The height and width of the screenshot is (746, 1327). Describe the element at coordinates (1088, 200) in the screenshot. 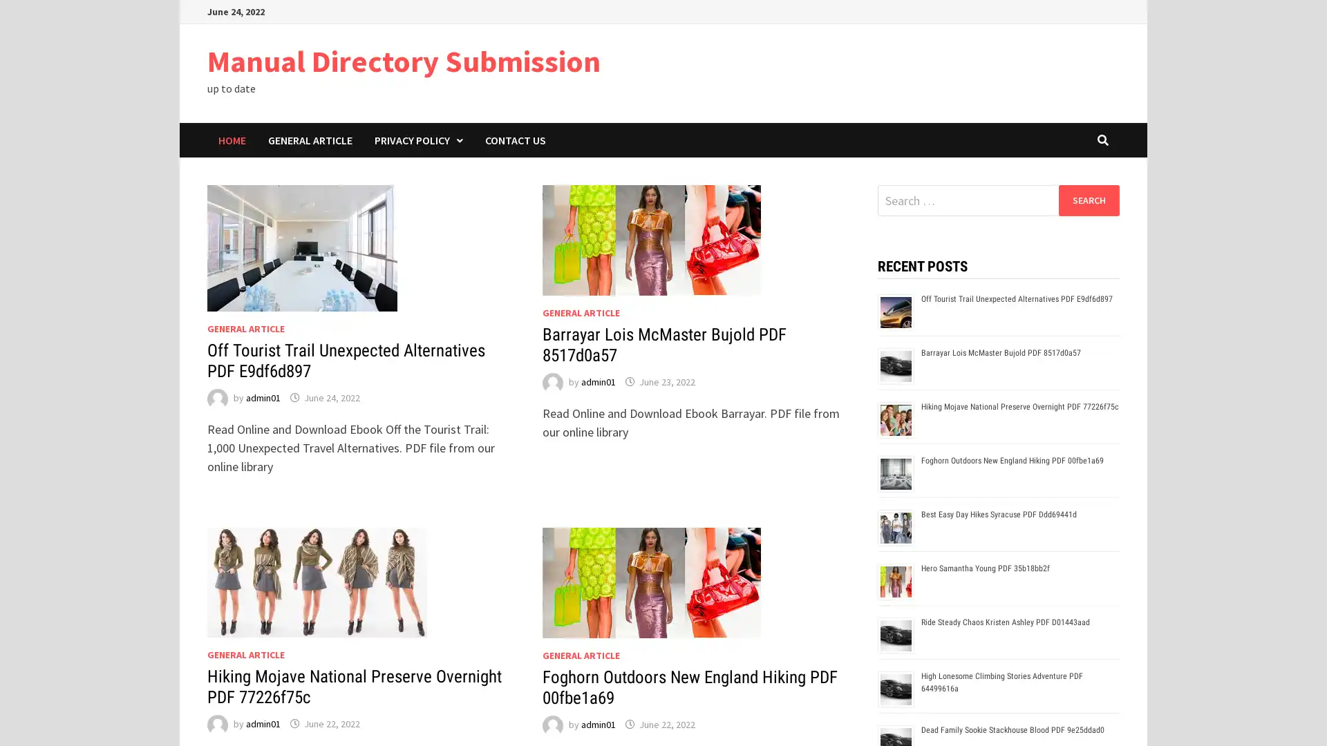

I see `Search` at that location.